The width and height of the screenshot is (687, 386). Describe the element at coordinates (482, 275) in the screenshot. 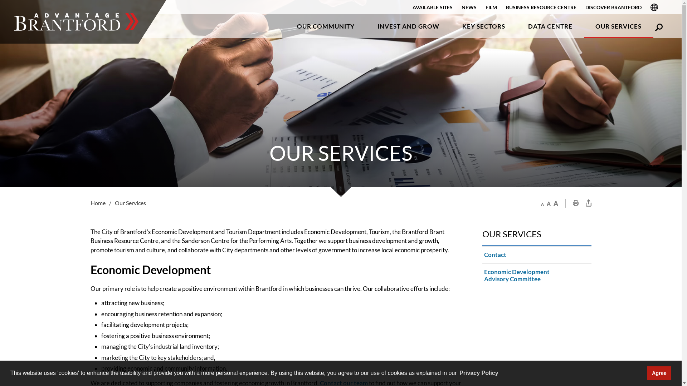

I see `'Economic Development Advisory Committee'` at that location.